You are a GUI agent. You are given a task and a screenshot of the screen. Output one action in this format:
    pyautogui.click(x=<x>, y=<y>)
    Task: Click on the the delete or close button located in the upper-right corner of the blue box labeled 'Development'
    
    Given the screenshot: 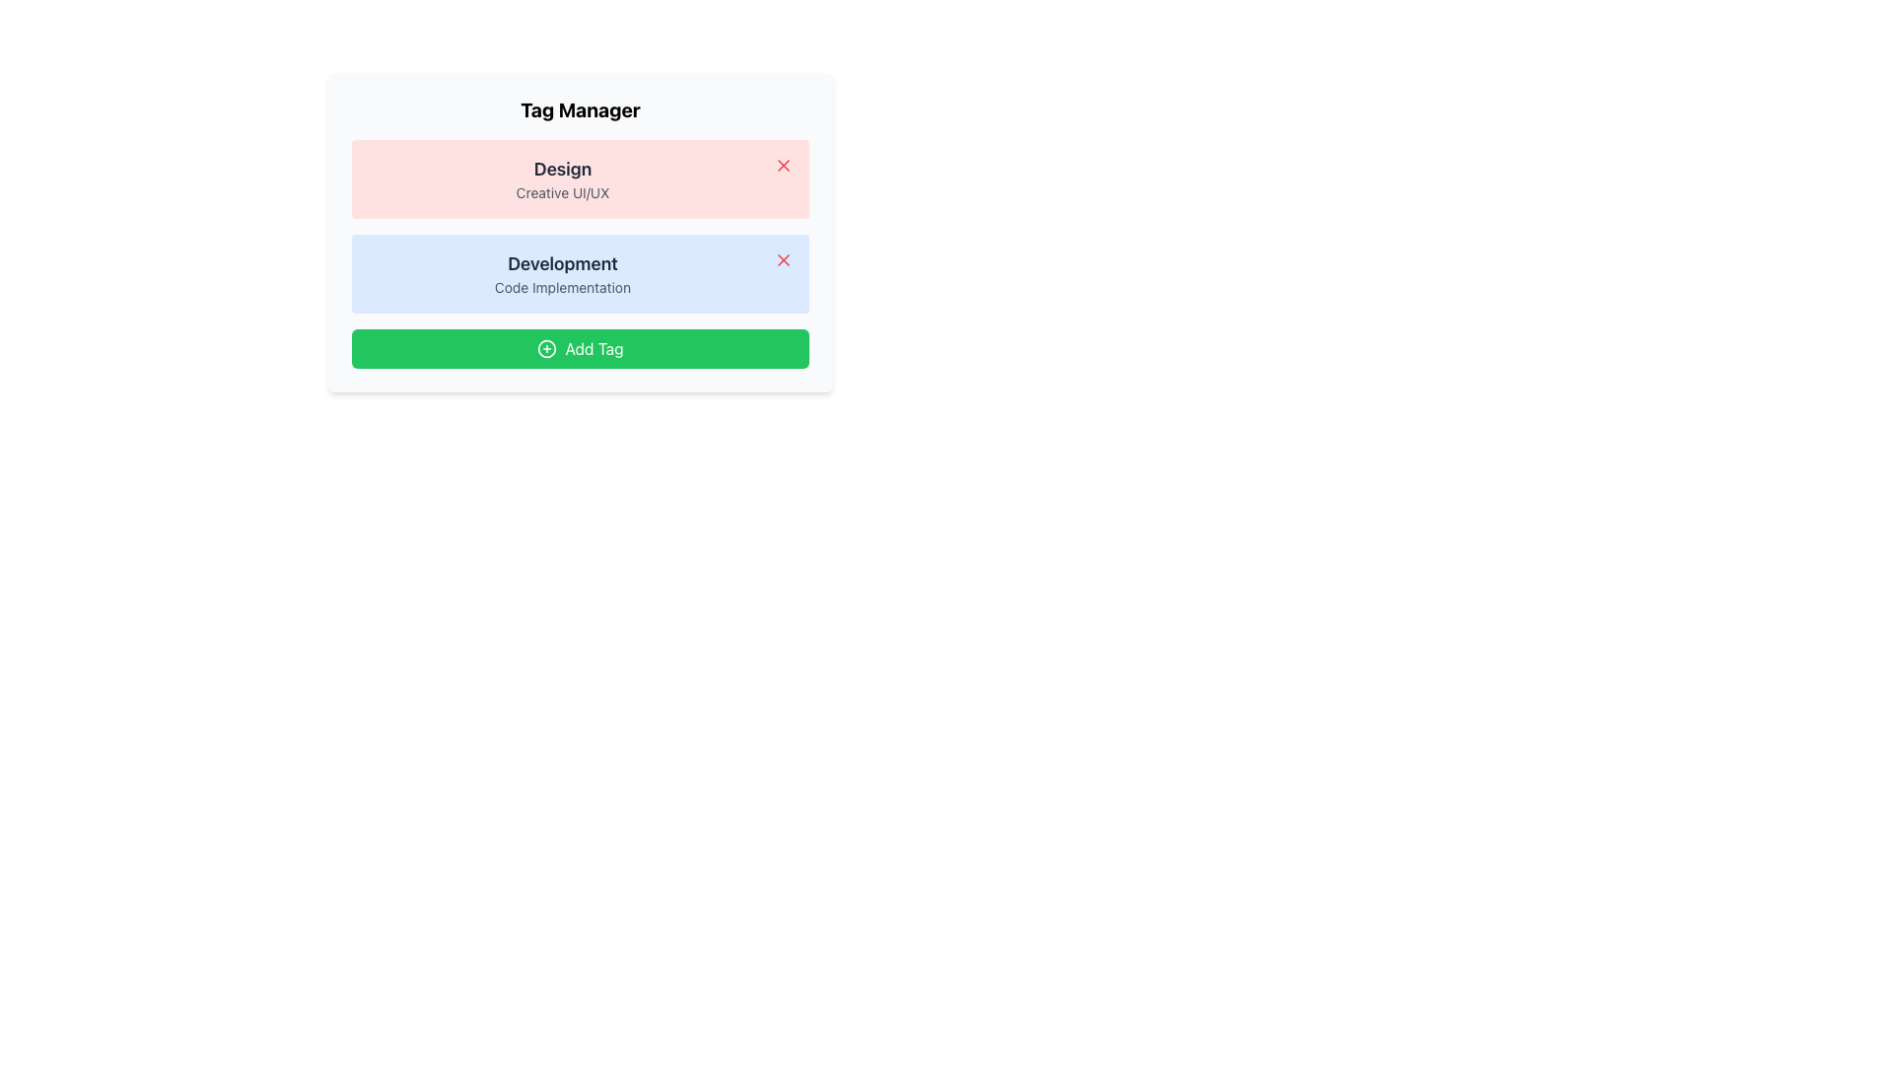 What is the action you would take?
    pyautogui.click(x=783, y=258)
    